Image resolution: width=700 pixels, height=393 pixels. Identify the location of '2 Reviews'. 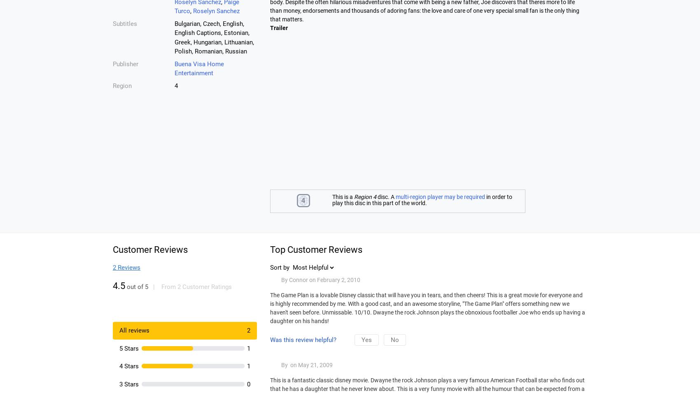
(126, 268).